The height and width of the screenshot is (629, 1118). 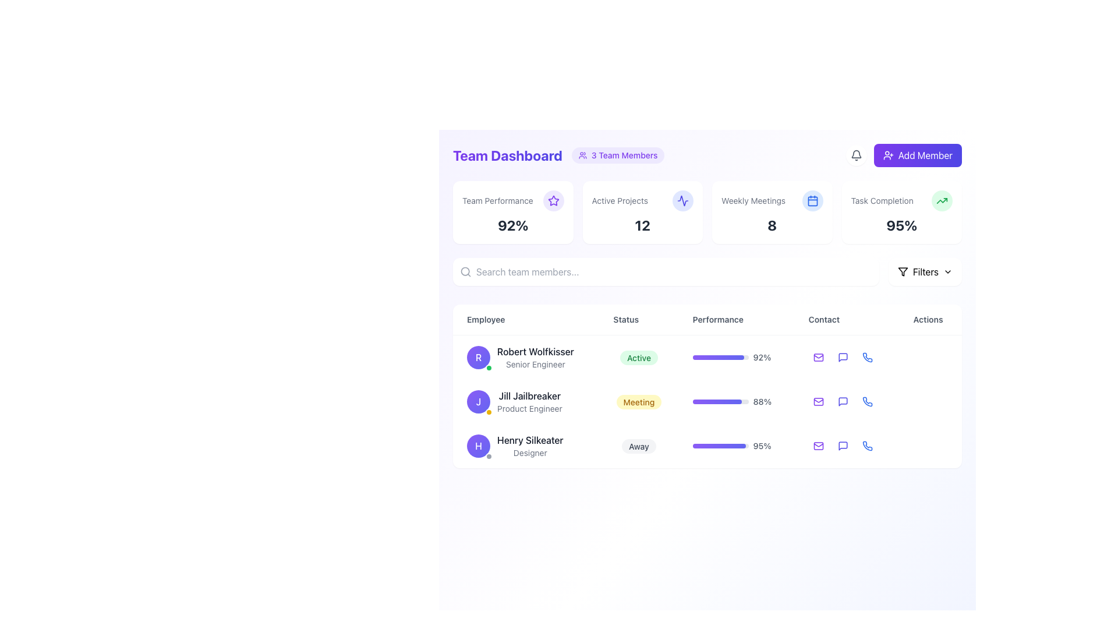 What do you see at coordinates (843, 401) in the screenshot?
I see `the small speech bubble icon button in the 'Actions' column for user 'Jill Jailbreaker'` at bounding box center [843, 401].